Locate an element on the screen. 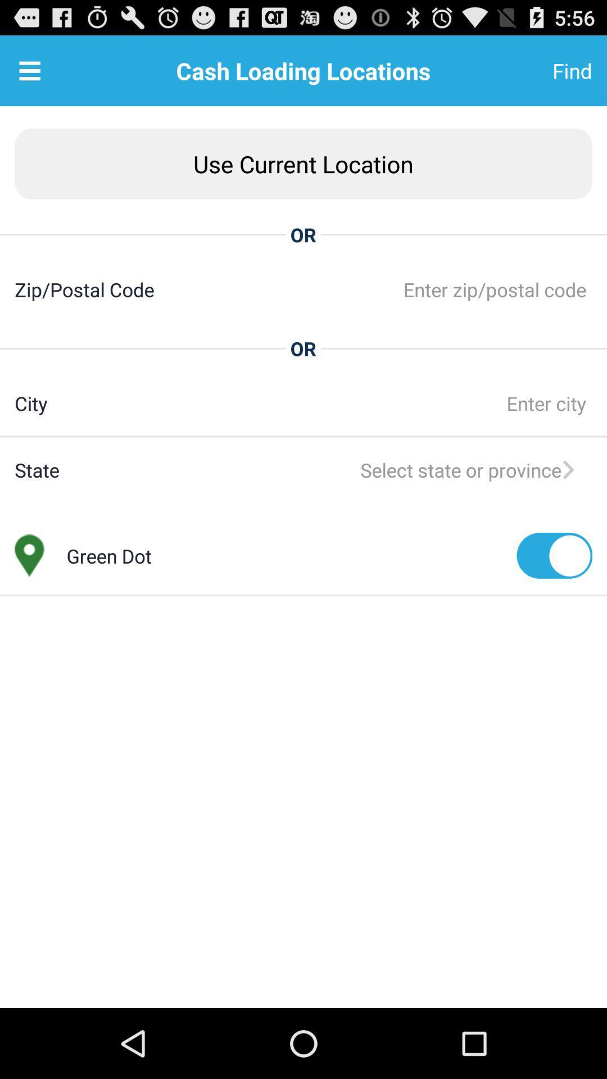  item above or is located at coordinates (303, 163).